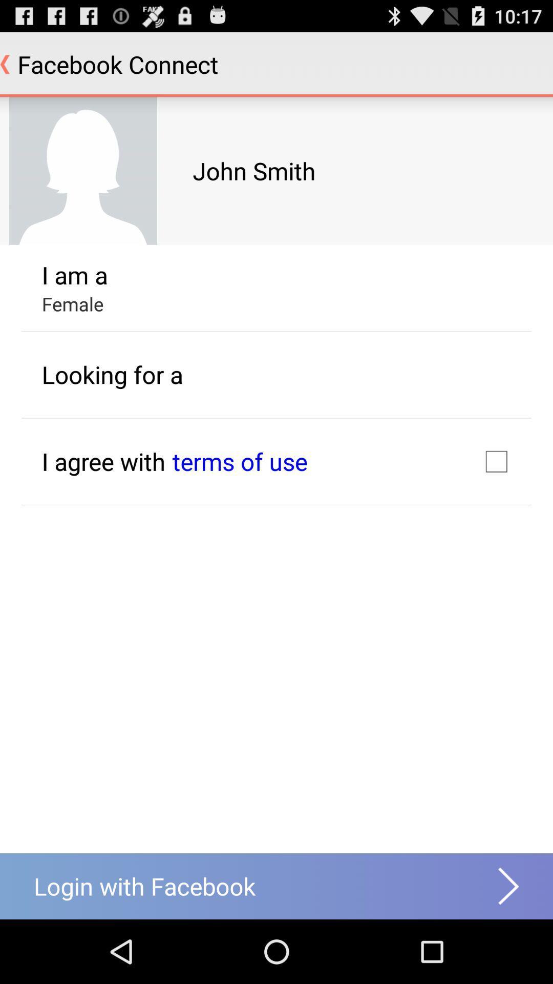 The height and width of the screenshot is (984, 553). What do you see at coordinates (103, 461) in the screenshot?
I see `app next to the terms of use item` at bounding box center [103, 461].